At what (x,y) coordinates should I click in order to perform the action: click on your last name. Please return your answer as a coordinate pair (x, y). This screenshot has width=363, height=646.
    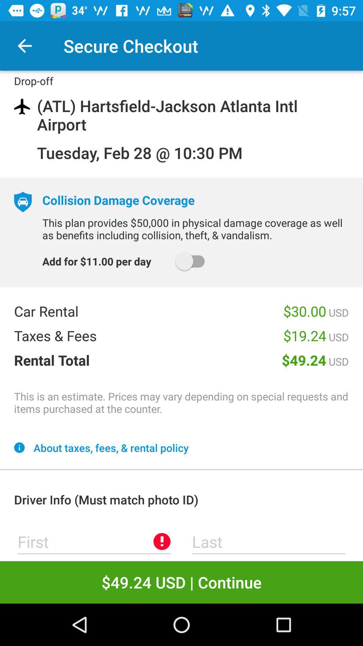
    Looking at the image, I should click on (268, 541).